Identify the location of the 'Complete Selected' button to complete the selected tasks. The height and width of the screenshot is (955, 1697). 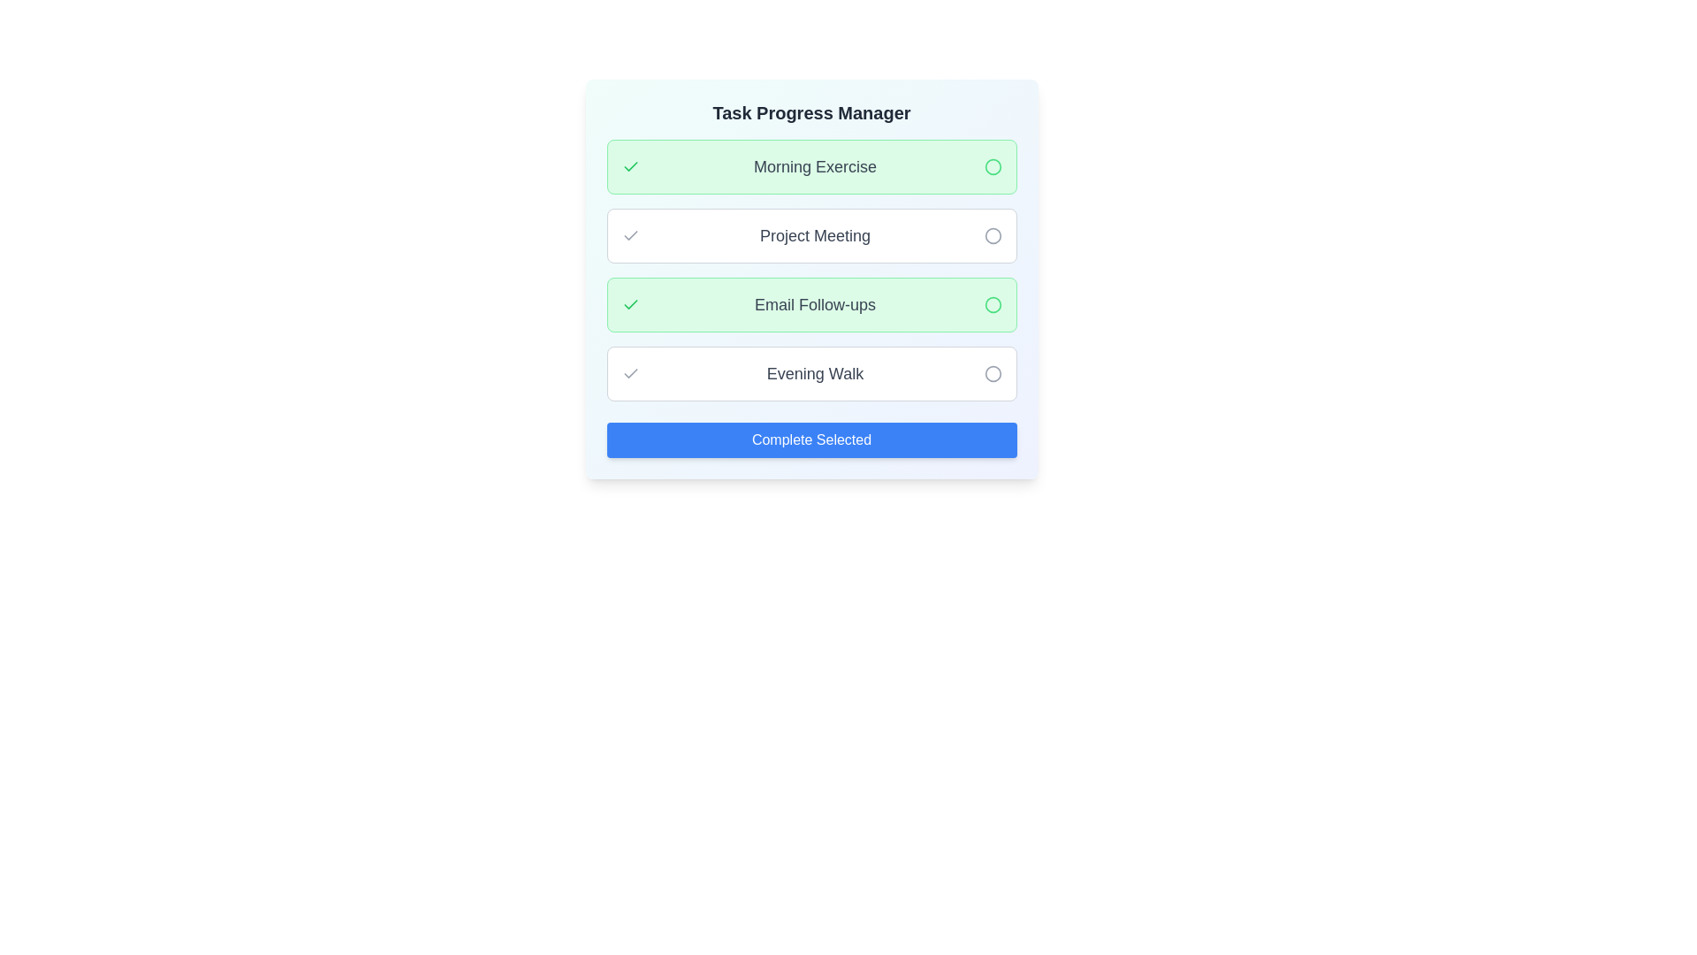
(810, 439).